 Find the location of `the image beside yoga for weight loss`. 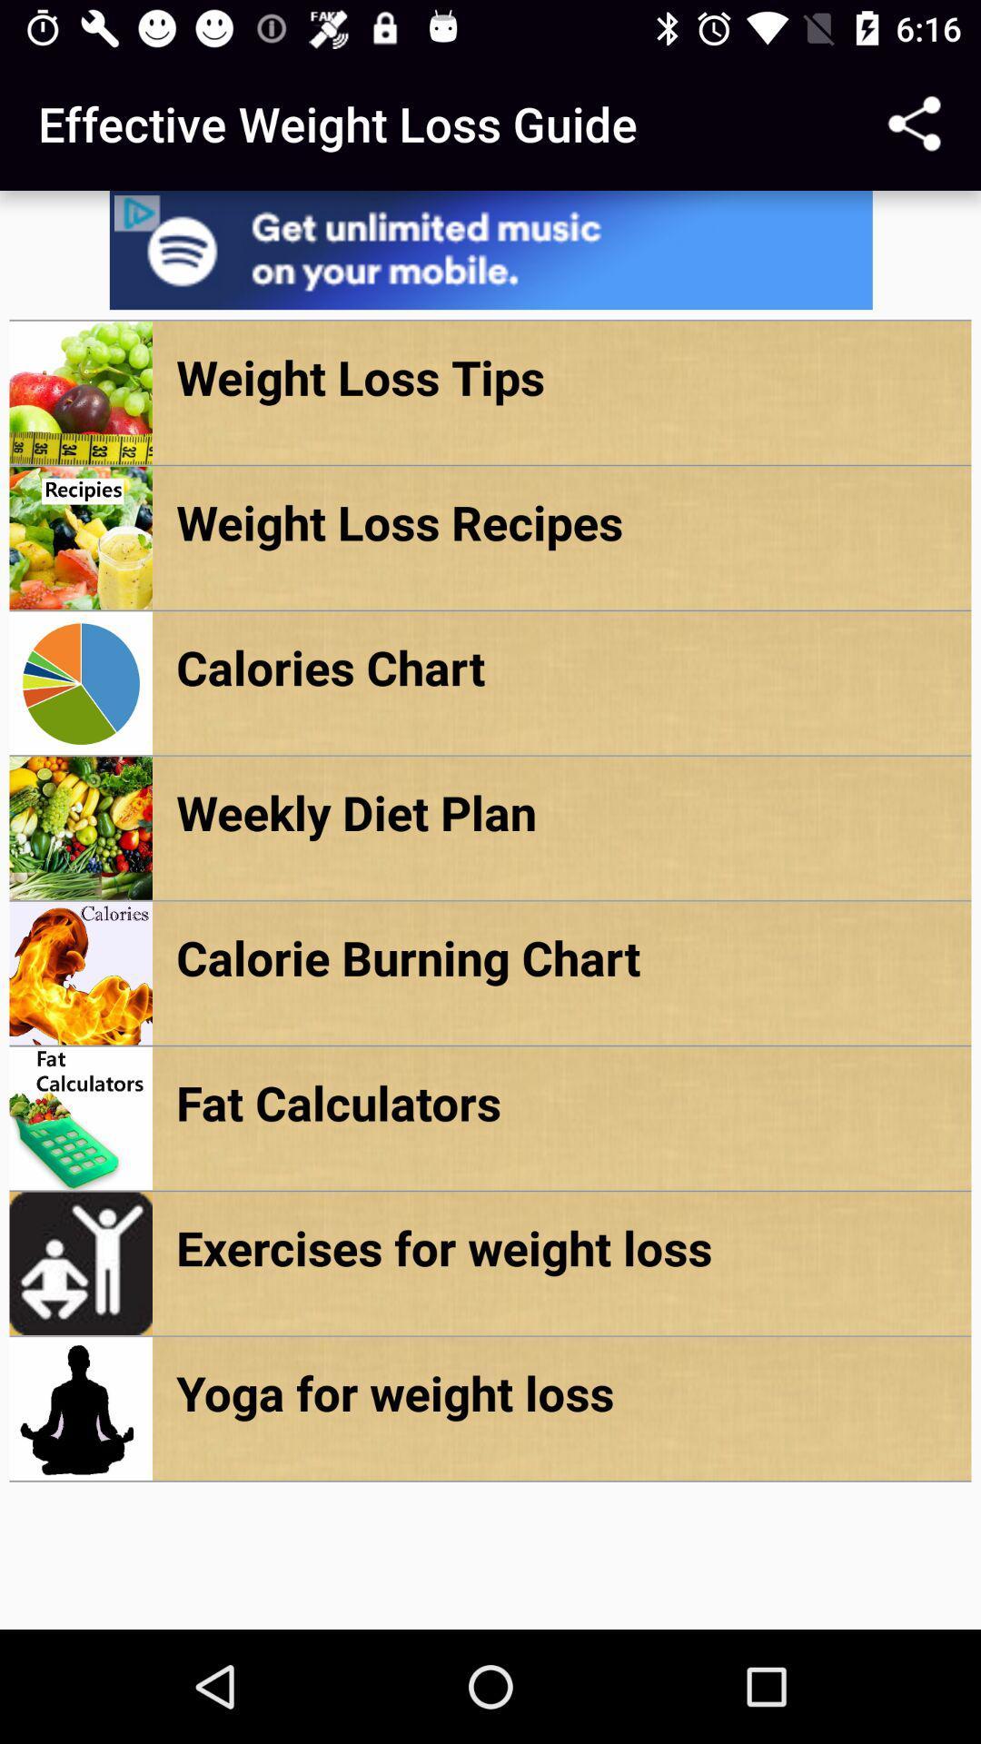

the image beside yoga for weight loss is located at coordinates (80, 1407).